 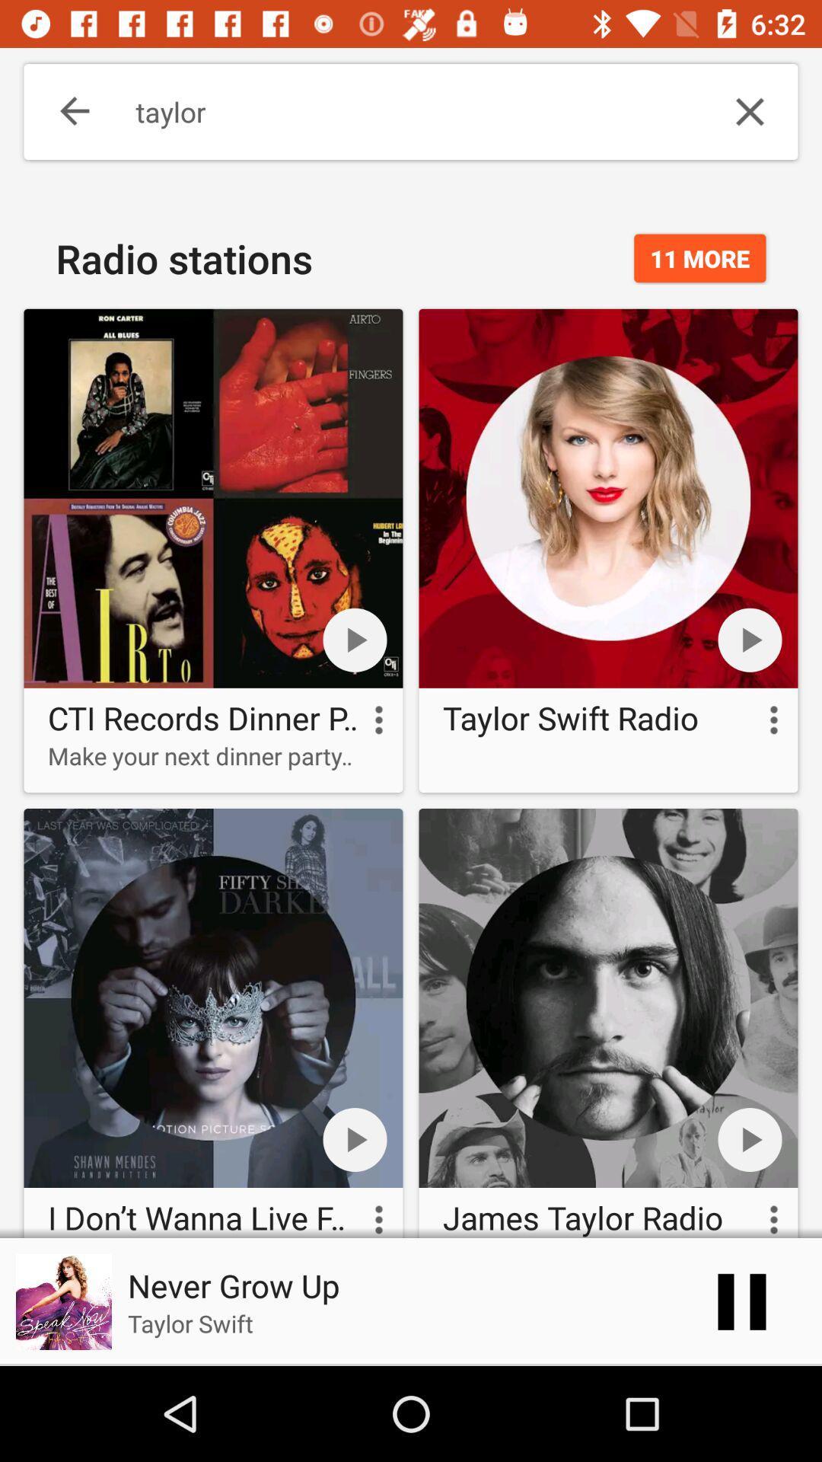 What do you see at coordinates (741, 1301) in the screenshot?
I see `icon next to never grow up icon` at bounding box center [741, 1301].